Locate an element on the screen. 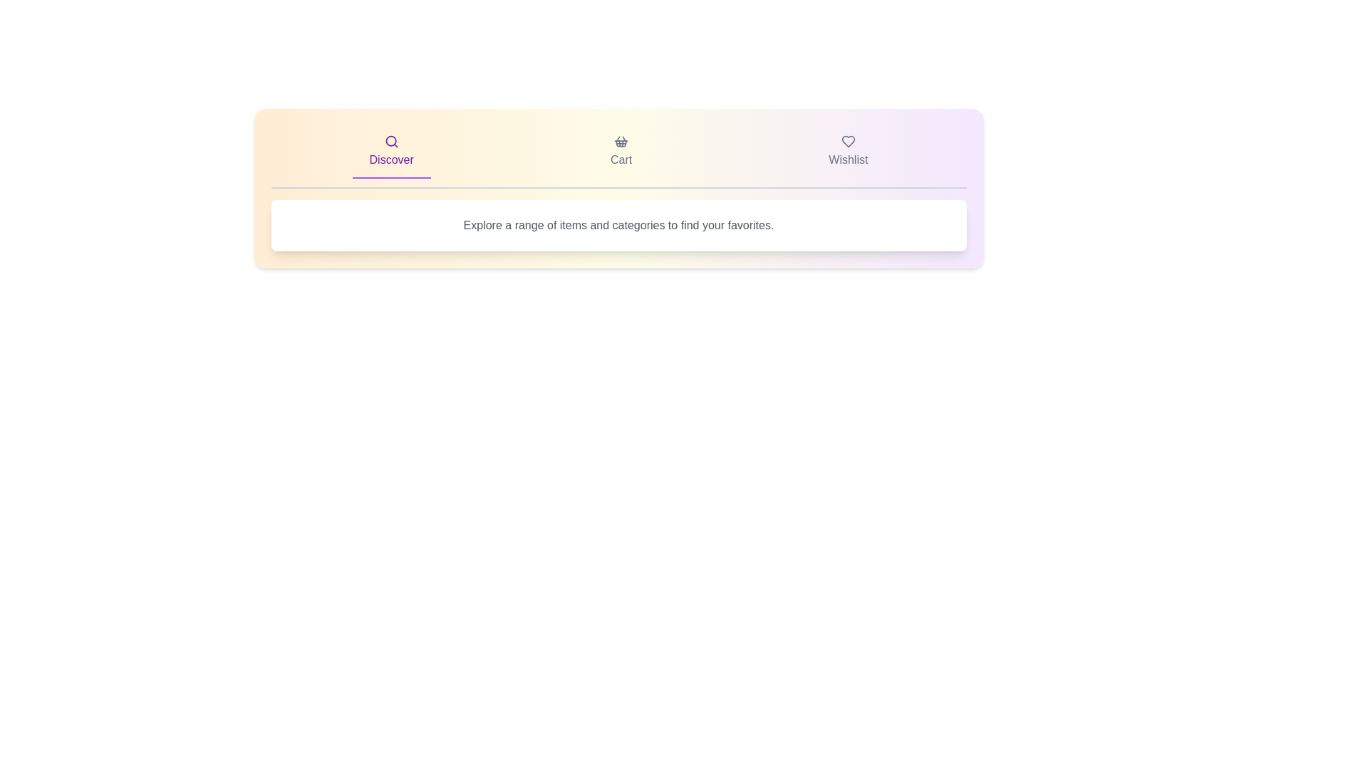 The width and height of the screenshot is (1368, 769). the Wishlist tab to observe its hover effect is located at coordinates (848, 152).